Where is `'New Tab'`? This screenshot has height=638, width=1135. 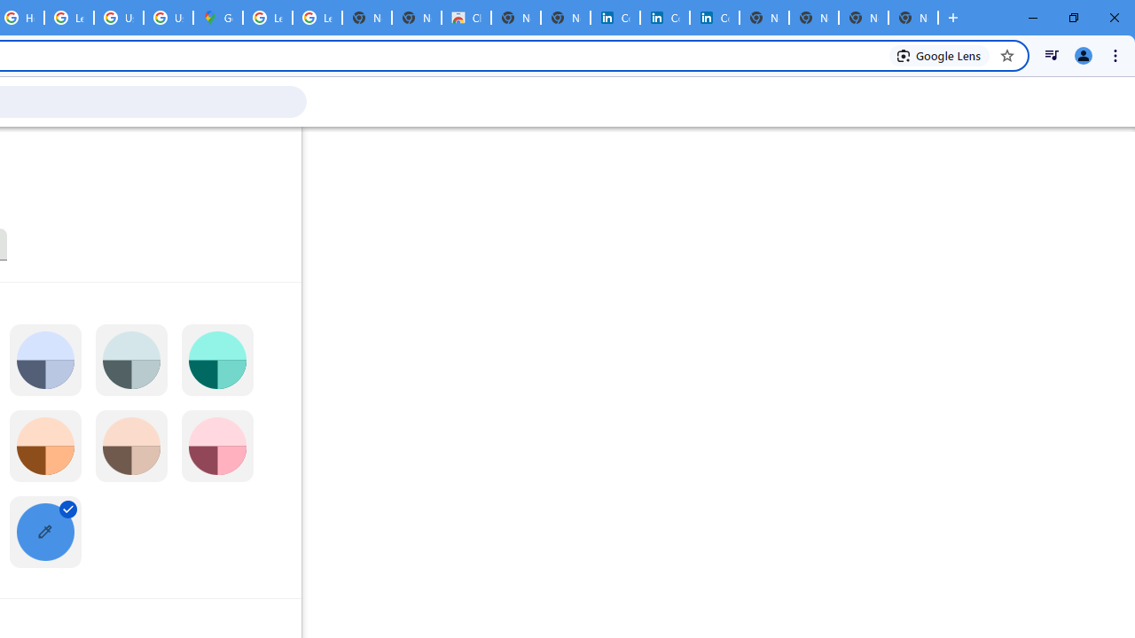
'New Tab' is located at coordinates (913, 18).